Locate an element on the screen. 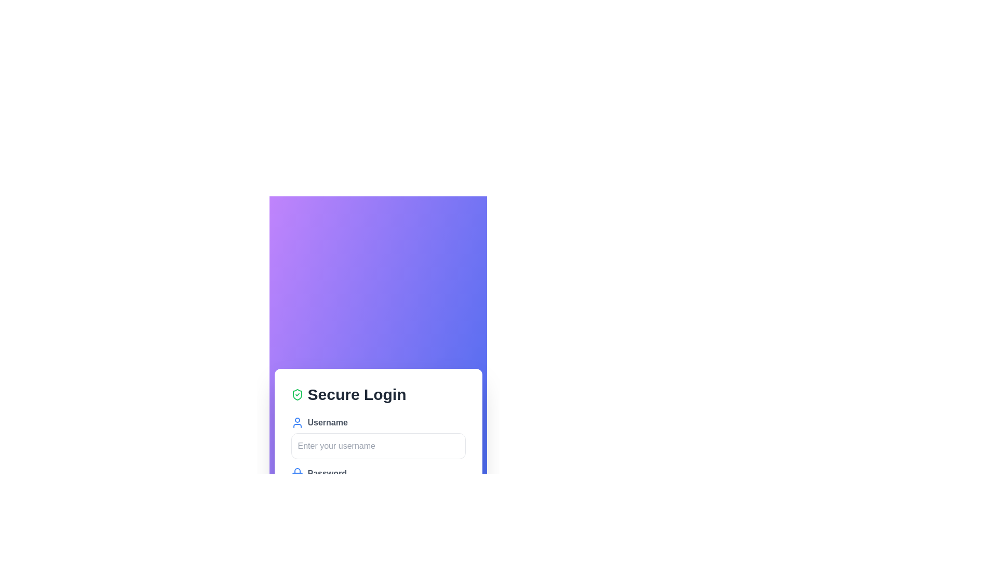 The height and width of the screenshot is (561, 997). the user avatar icon, which is a blue circular head representation positioned to the left of the 'Username' text label is located at coordinates (297, 422).